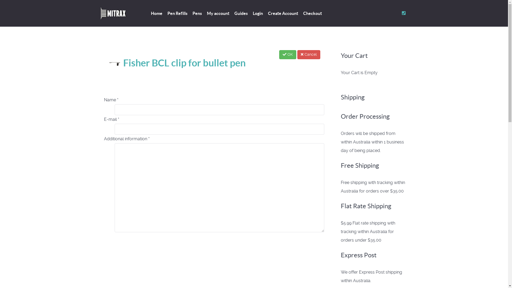 This screenshot has height=288, width=512. I want to click on 'OK', so click(287, 54).